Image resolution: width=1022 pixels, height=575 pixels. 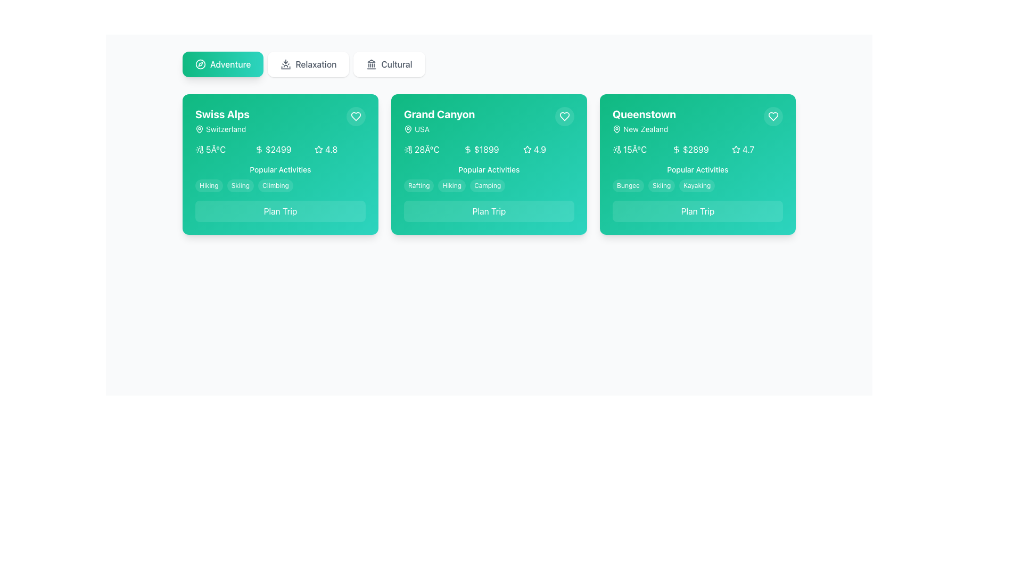 What do you see at coordinates (281, 178) in the screenshot?
I see `the 'Climbing' button in the recommended activities list associated with the 'Swiss Alps', positioned above the 'Plan Trip' button` at bounding box center [281, 178].